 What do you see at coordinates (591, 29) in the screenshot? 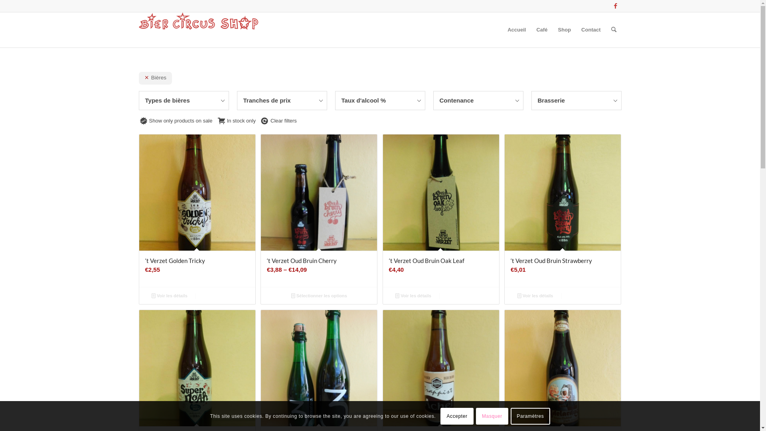
I see `'Contact'` at bounding box center [591, 29].